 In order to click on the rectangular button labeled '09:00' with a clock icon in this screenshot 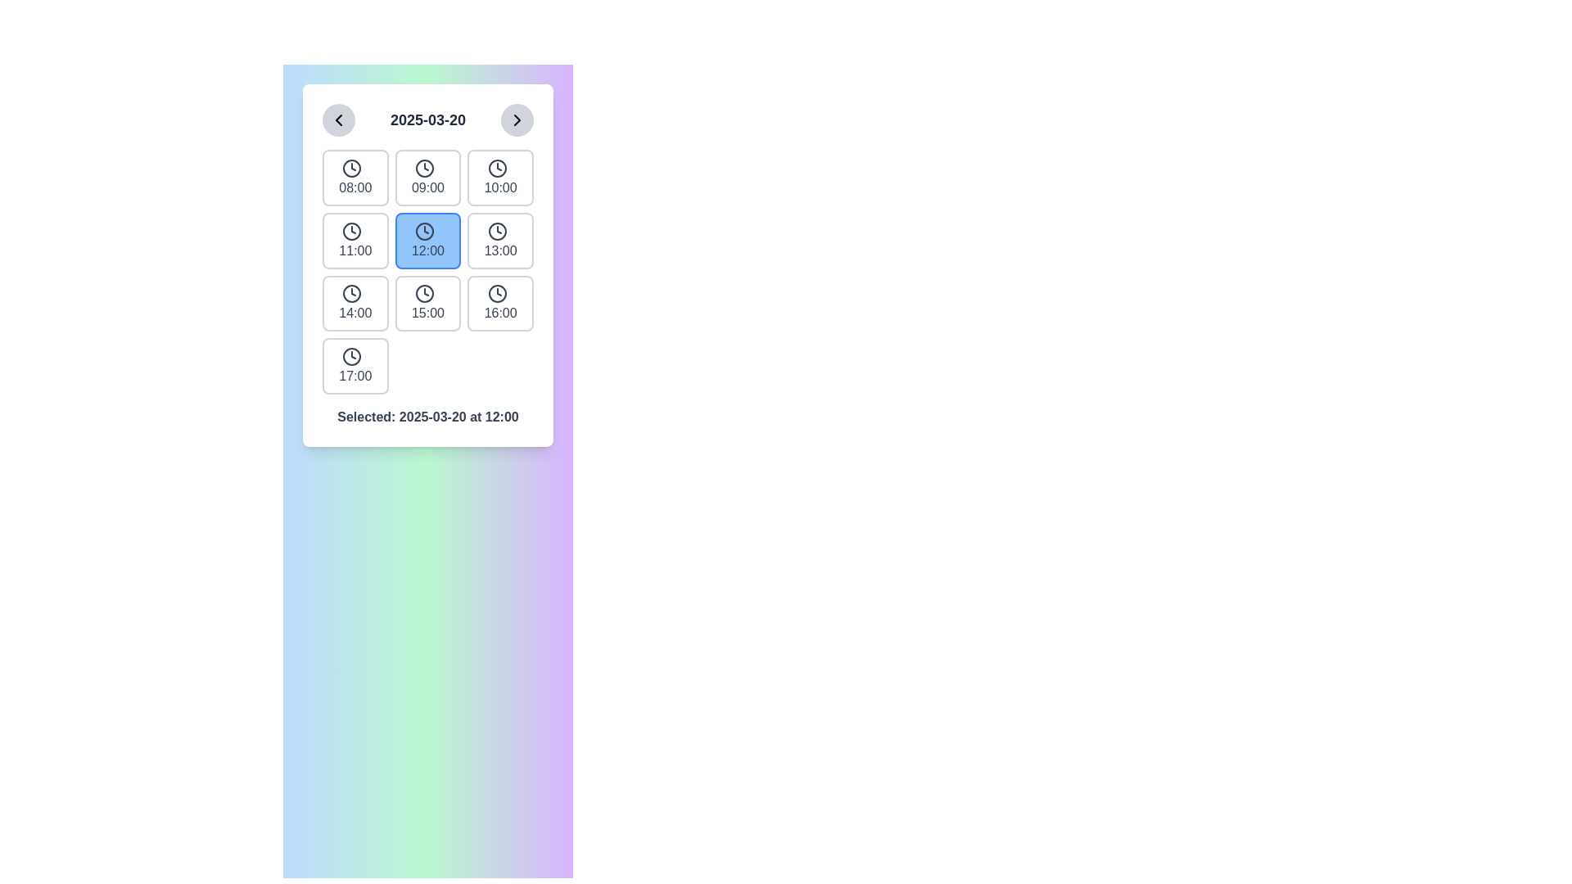, I will do `click(428, 178)`.